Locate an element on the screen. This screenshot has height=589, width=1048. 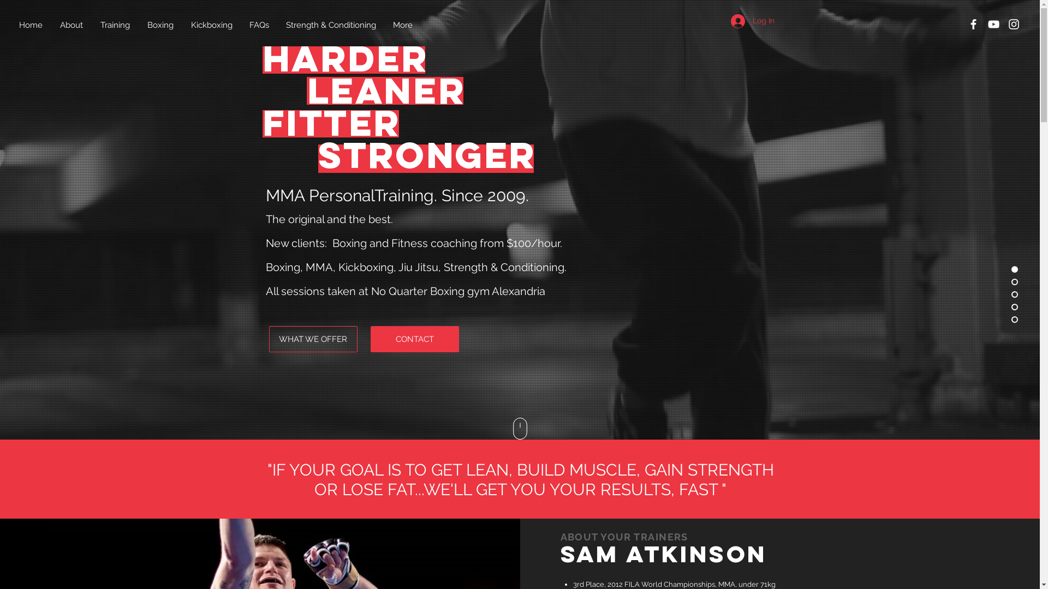
'About' is located at coordinates (72, 25).